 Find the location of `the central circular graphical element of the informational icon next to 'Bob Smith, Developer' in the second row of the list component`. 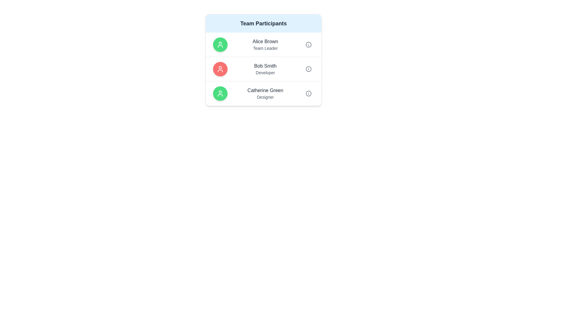

the central circular graphical element of the informational icon next to 'Bob Smith, Developer' in the second row of the list component is located at coordinates (308, 69).